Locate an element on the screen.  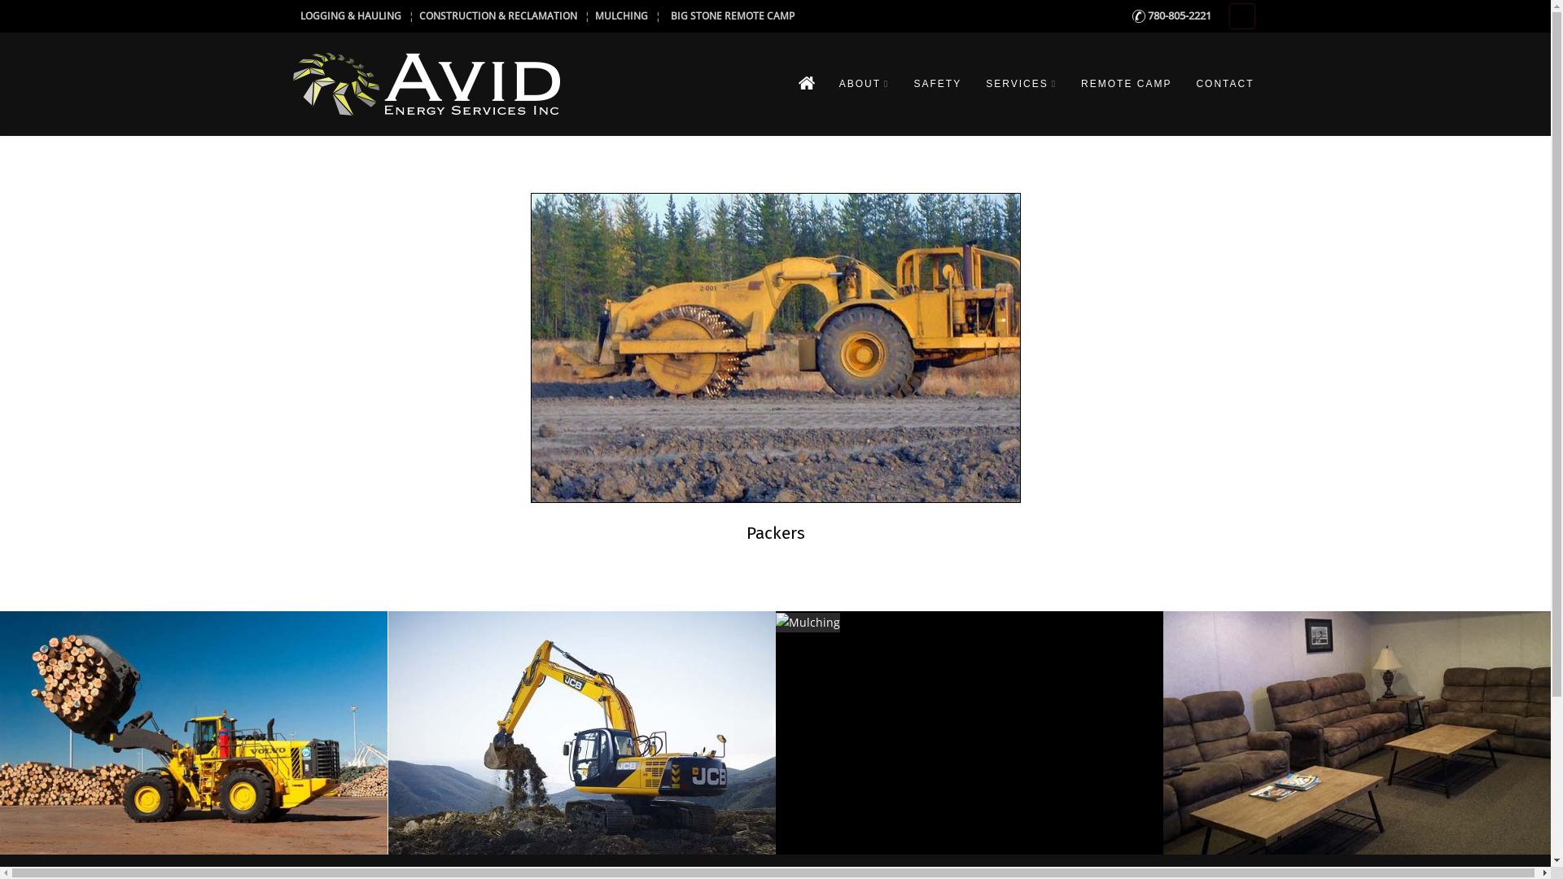
'LOGGING & HAULING' is located at coordinates (349, 15).